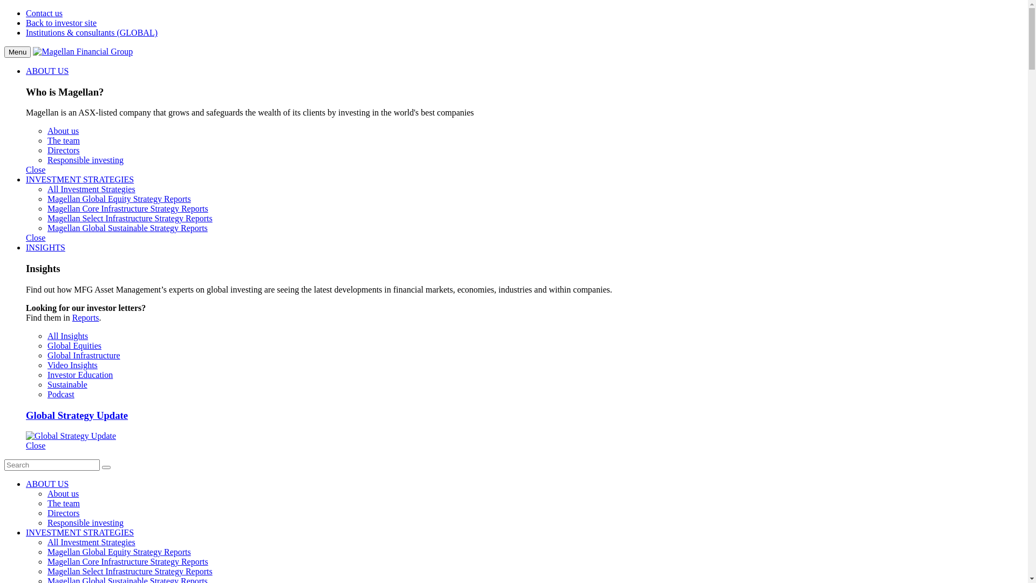 This screenshot has width=1036, height=583. What do you see at coordinates (46, 188) in the screenshot?
I see `'All Investment Strategies'` at bounding box center [46, 188].